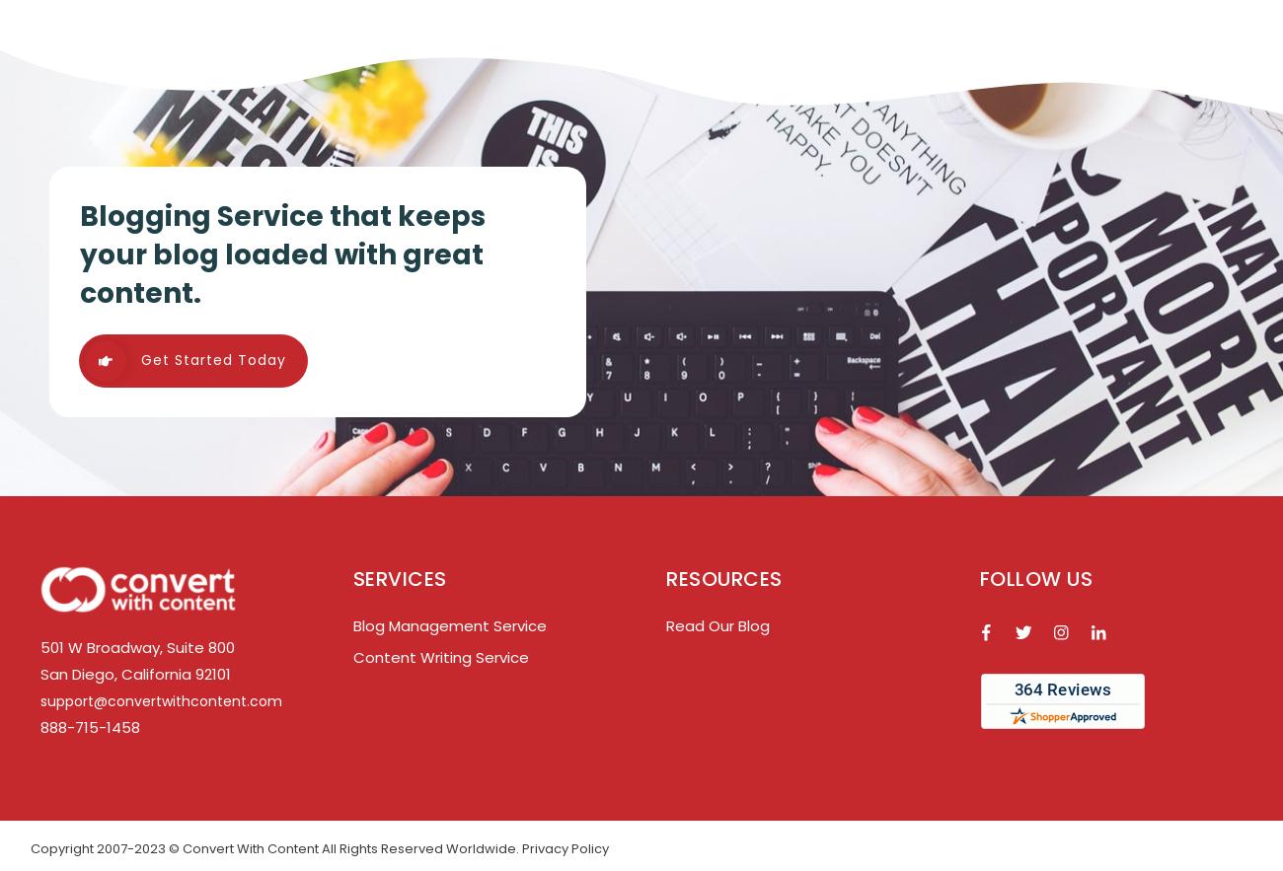  I want to click on '501 W Broadway, Suite 800', so click(38, 645).